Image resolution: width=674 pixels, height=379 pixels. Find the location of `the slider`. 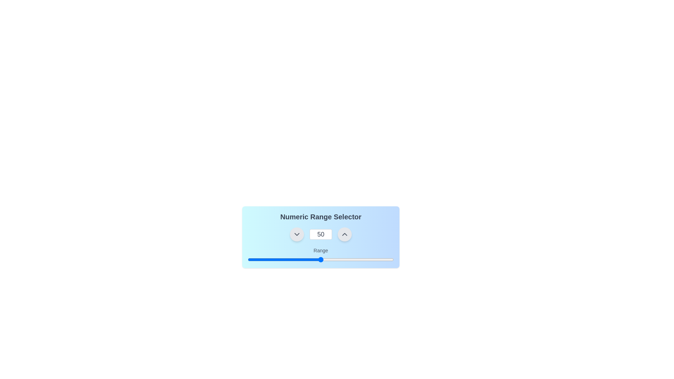

the slider is located at coordinates (377, 260).